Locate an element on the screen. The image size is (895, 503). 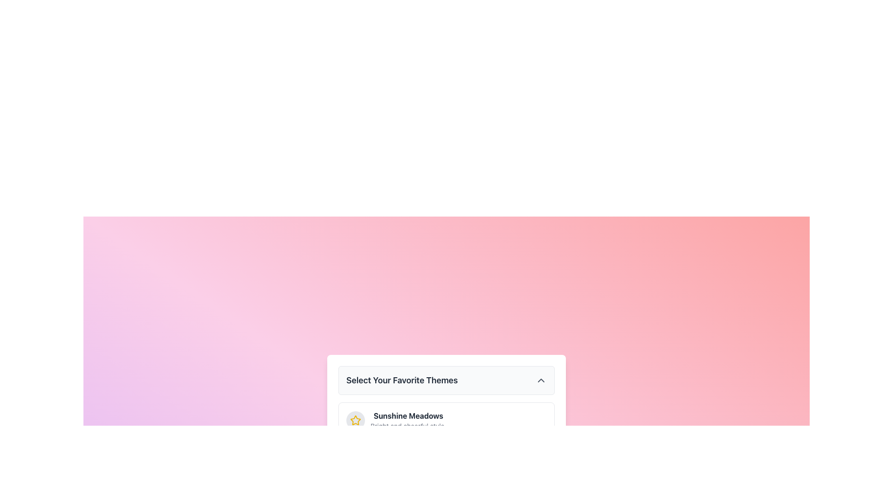
the List item with a star icon on the left and text 'Sunshine Meadows' in bold and dark gray, followed by 'Bright and cheerful style.' in lighter gray is located at coordinates (396, 420).